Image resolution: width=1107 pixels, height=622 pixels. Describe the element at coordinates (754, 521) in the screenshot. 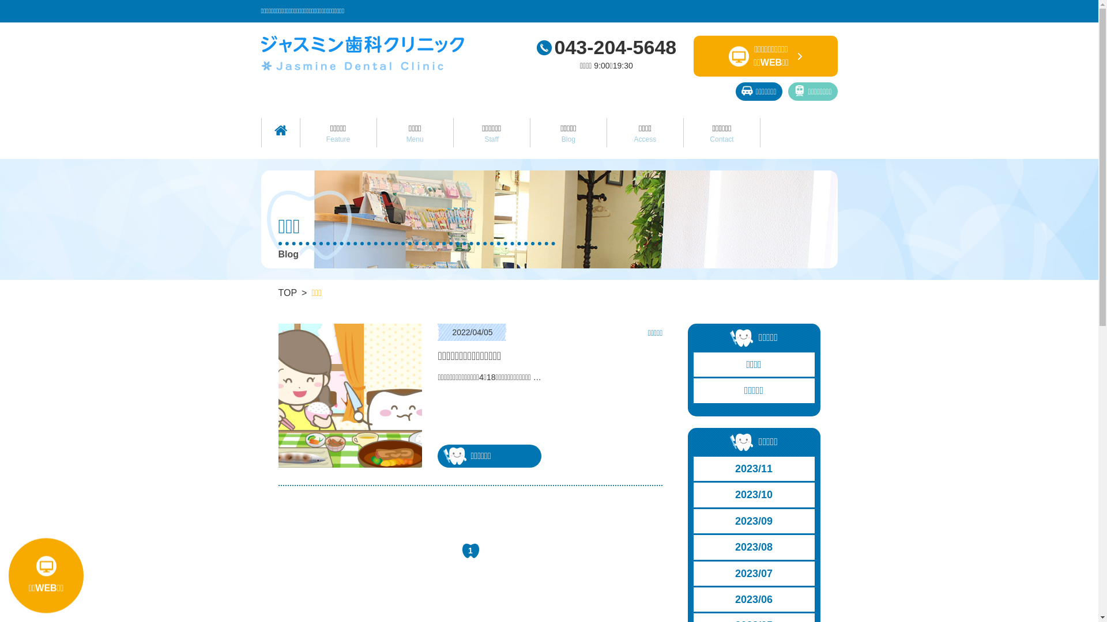

I see `'2023/09'` at that location.